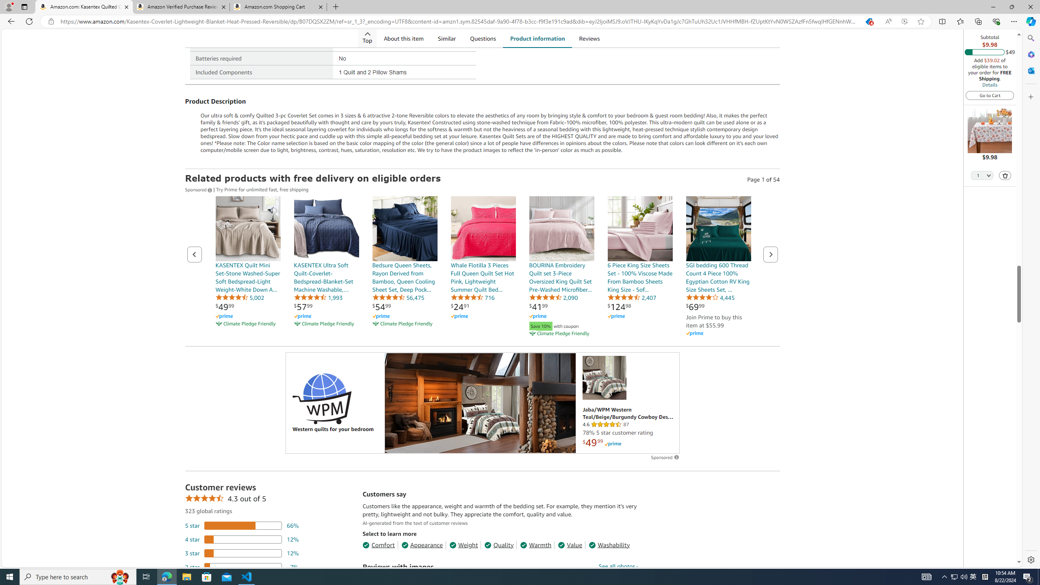 The image size is (1040, 585). I want to click on '56,475', so click(398, 297).